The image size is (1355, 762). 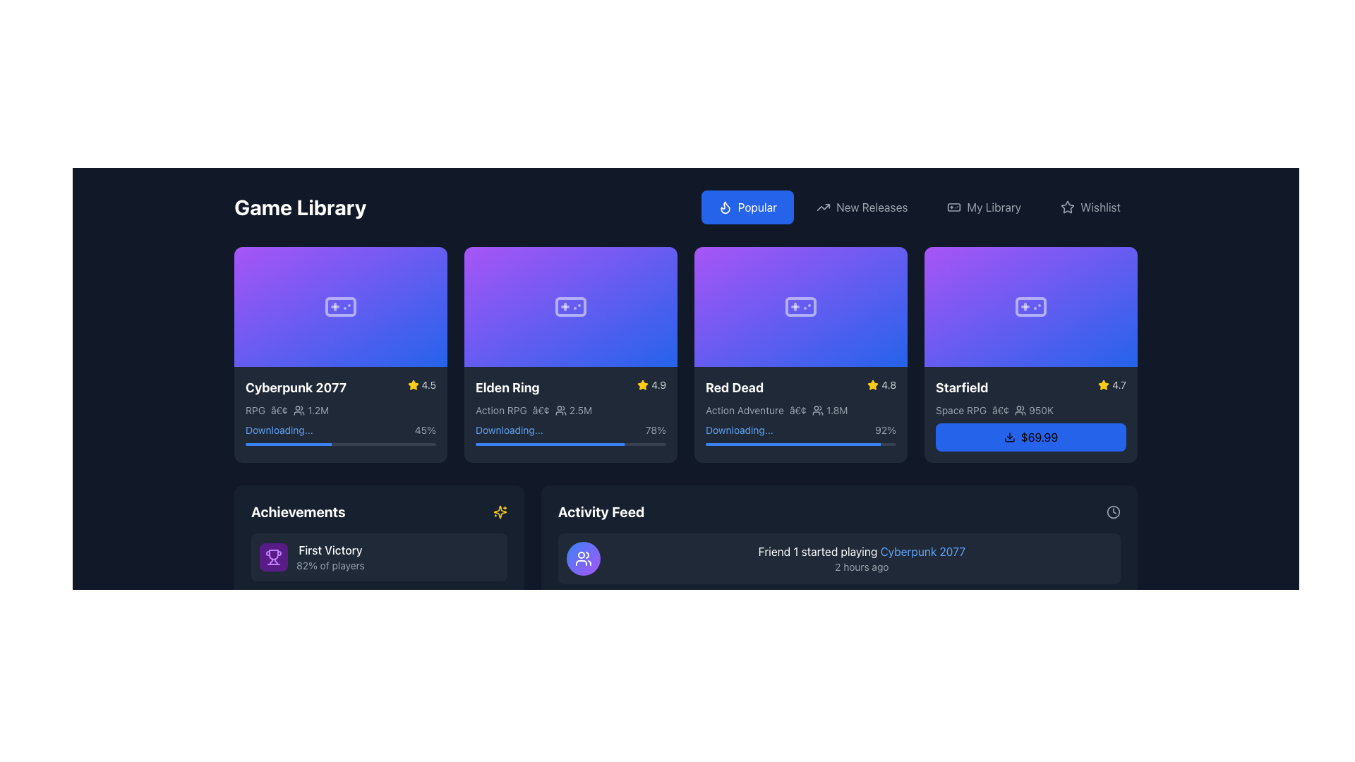 What do you see at coordinates (839, 682) in the screenshot?
I see `the game title 'Cyberpunk 2077' within the third Activity Notification Block in the Activity Feed section` at bounding box center [839, 682].